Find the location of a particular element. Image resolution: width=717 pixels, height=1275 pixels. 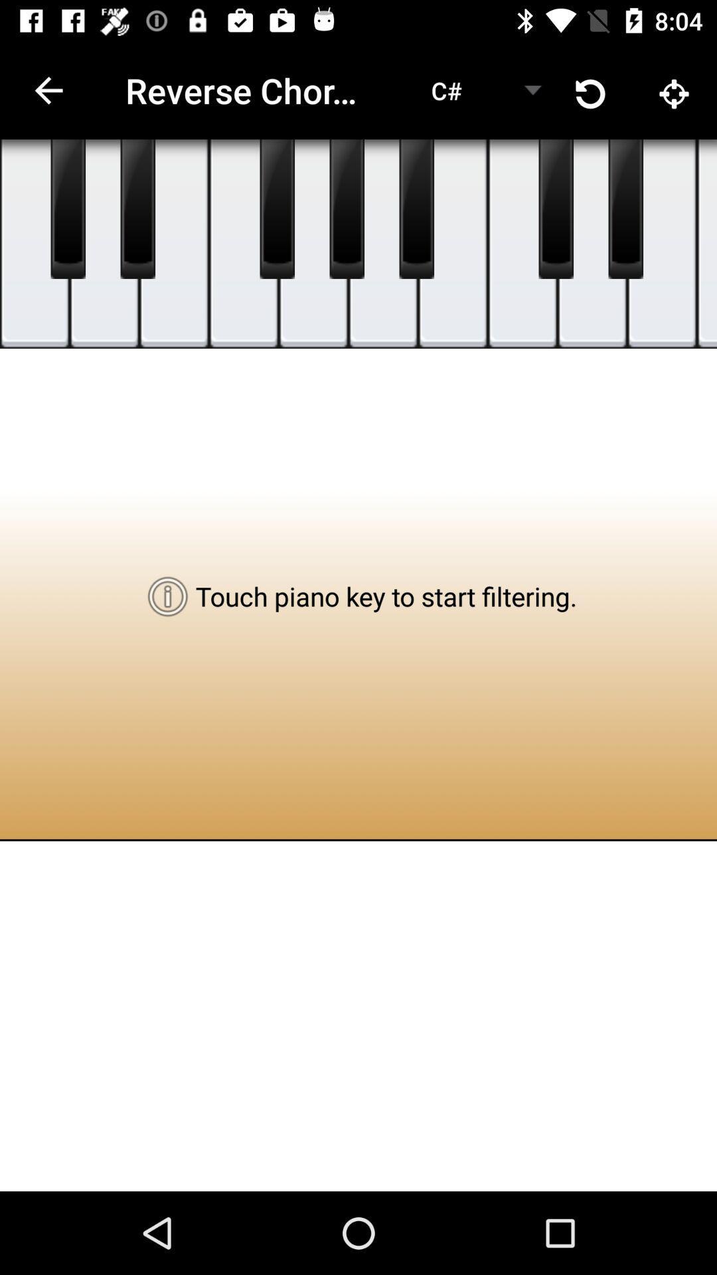

the second white bar in key board image is located at coordinates (104, 244).